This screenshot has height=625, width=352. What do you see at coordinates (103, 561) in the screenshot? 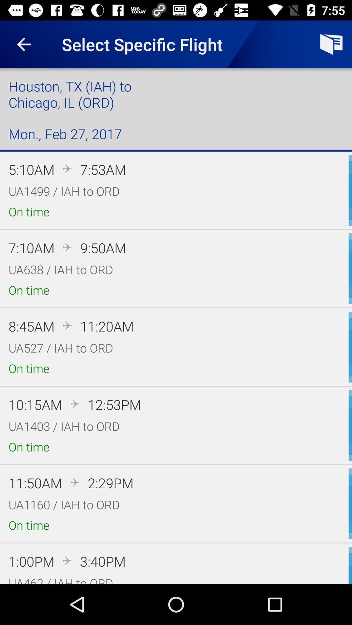
I see `the icon above the ua462 iah to icon` at bounding box center [103, 561].